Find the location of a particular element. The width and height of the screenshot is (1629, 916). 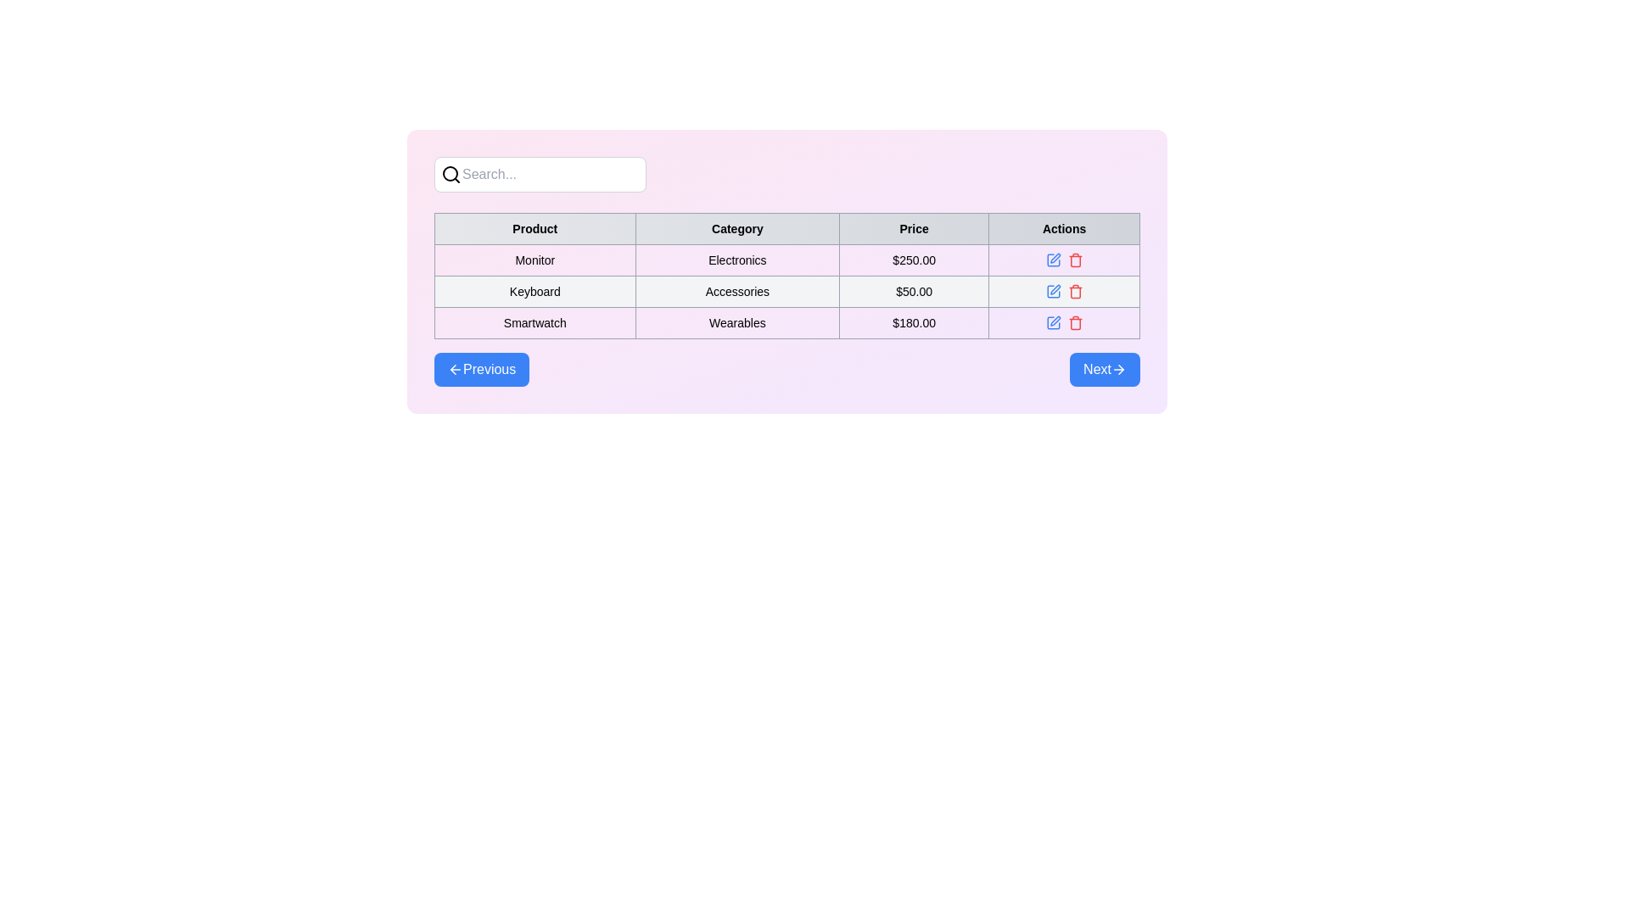

the minimalistic blue-bordered edit icon with a pencil symbol in the Actions column of the second row in the table is located at coordinates (1052, 290).